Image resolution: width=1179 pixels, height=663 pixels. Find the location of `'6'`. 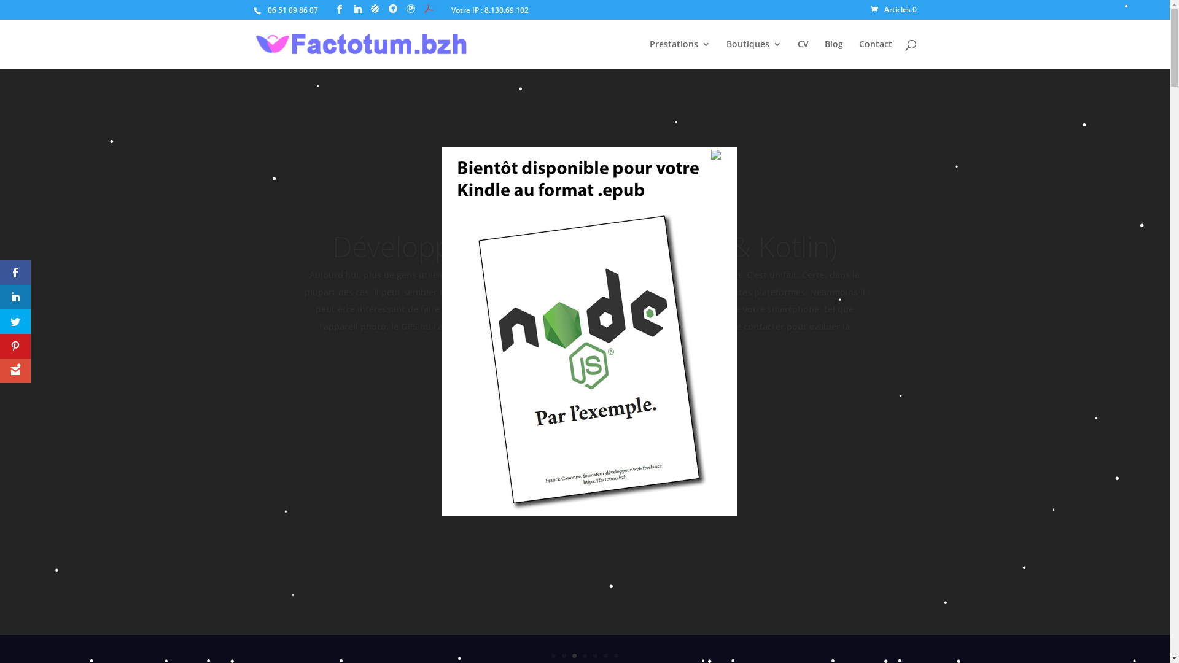

'6' is located at coordinates (605, 655).